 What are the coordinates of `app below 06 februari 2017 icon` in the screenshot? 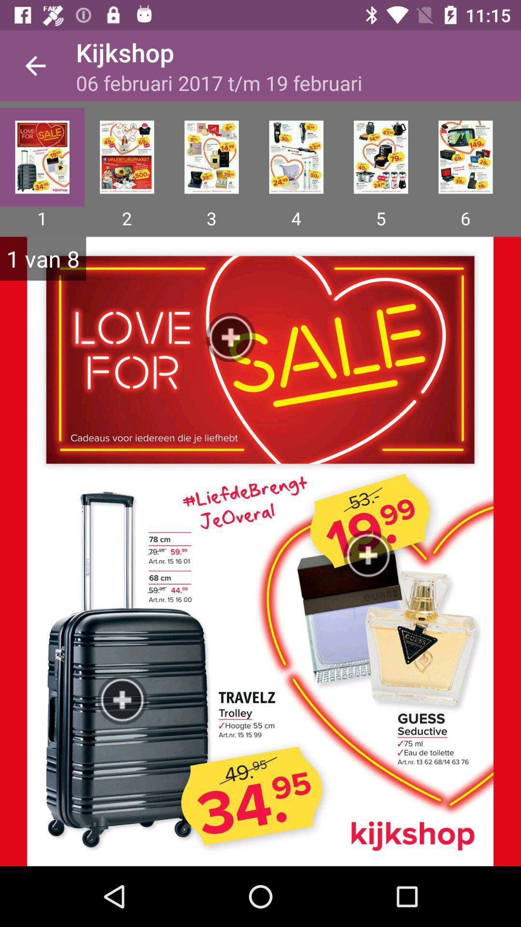 It's located at (380, 157).